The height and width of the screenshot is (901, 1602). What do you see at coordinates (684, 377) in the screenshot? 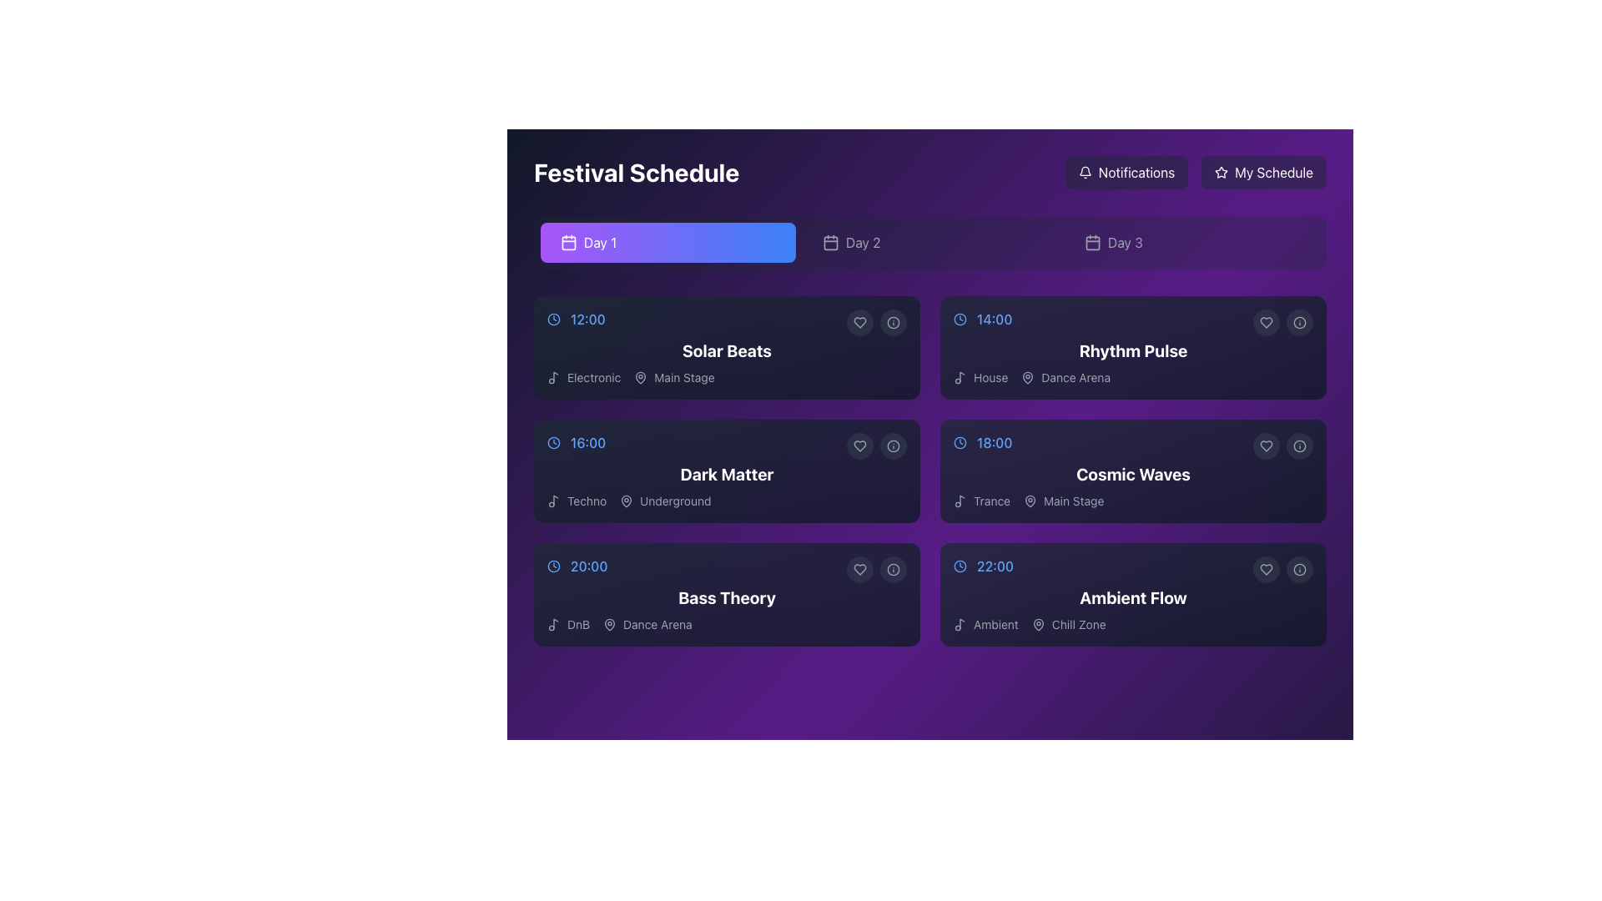
I see `the static text label displaying 'Main Stage' on the dark card-like background within the schedule interface for the 'Solar Beats' event` at bounding box center [684, 377].